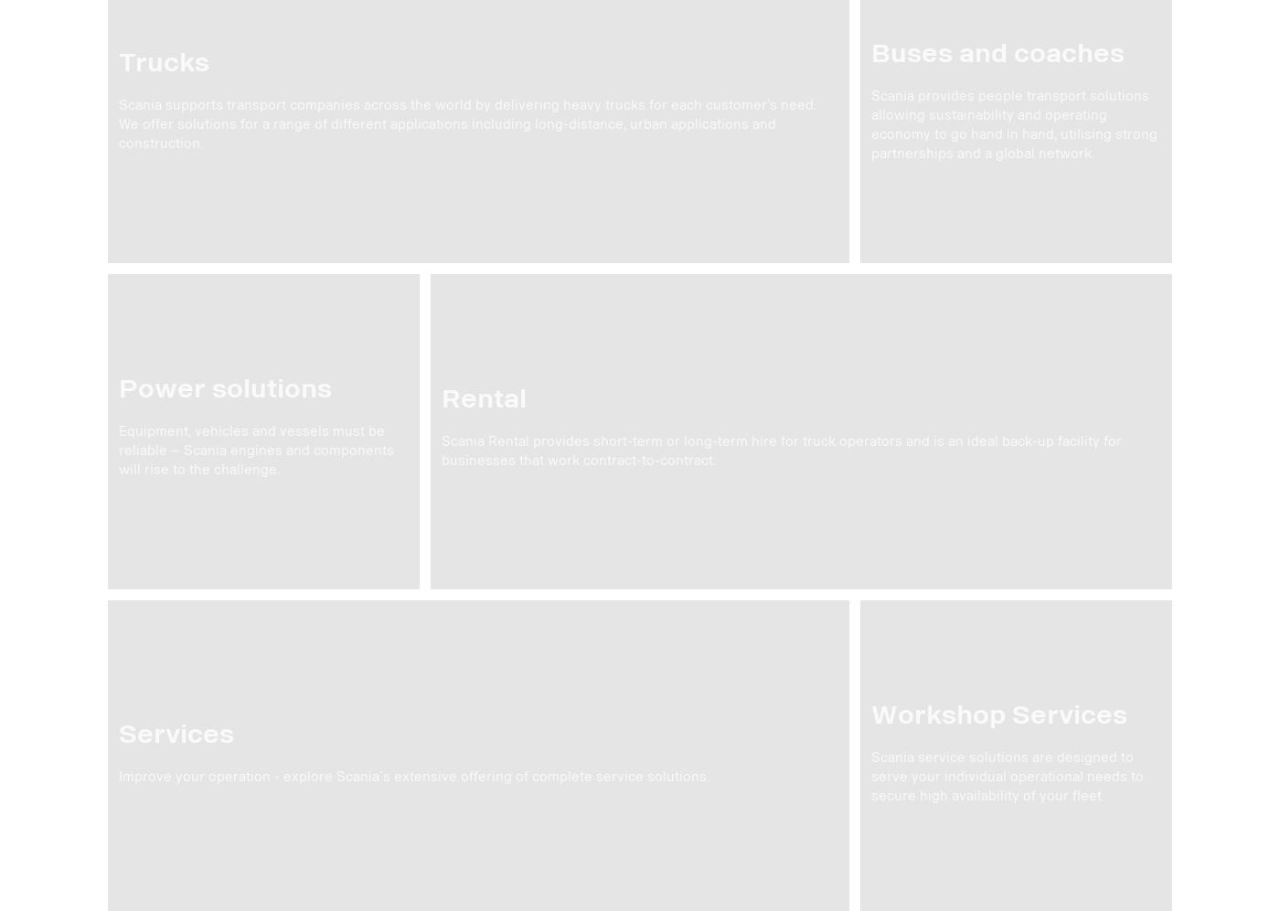  I want to click on 'Buses and coaches', so click(997, 51).